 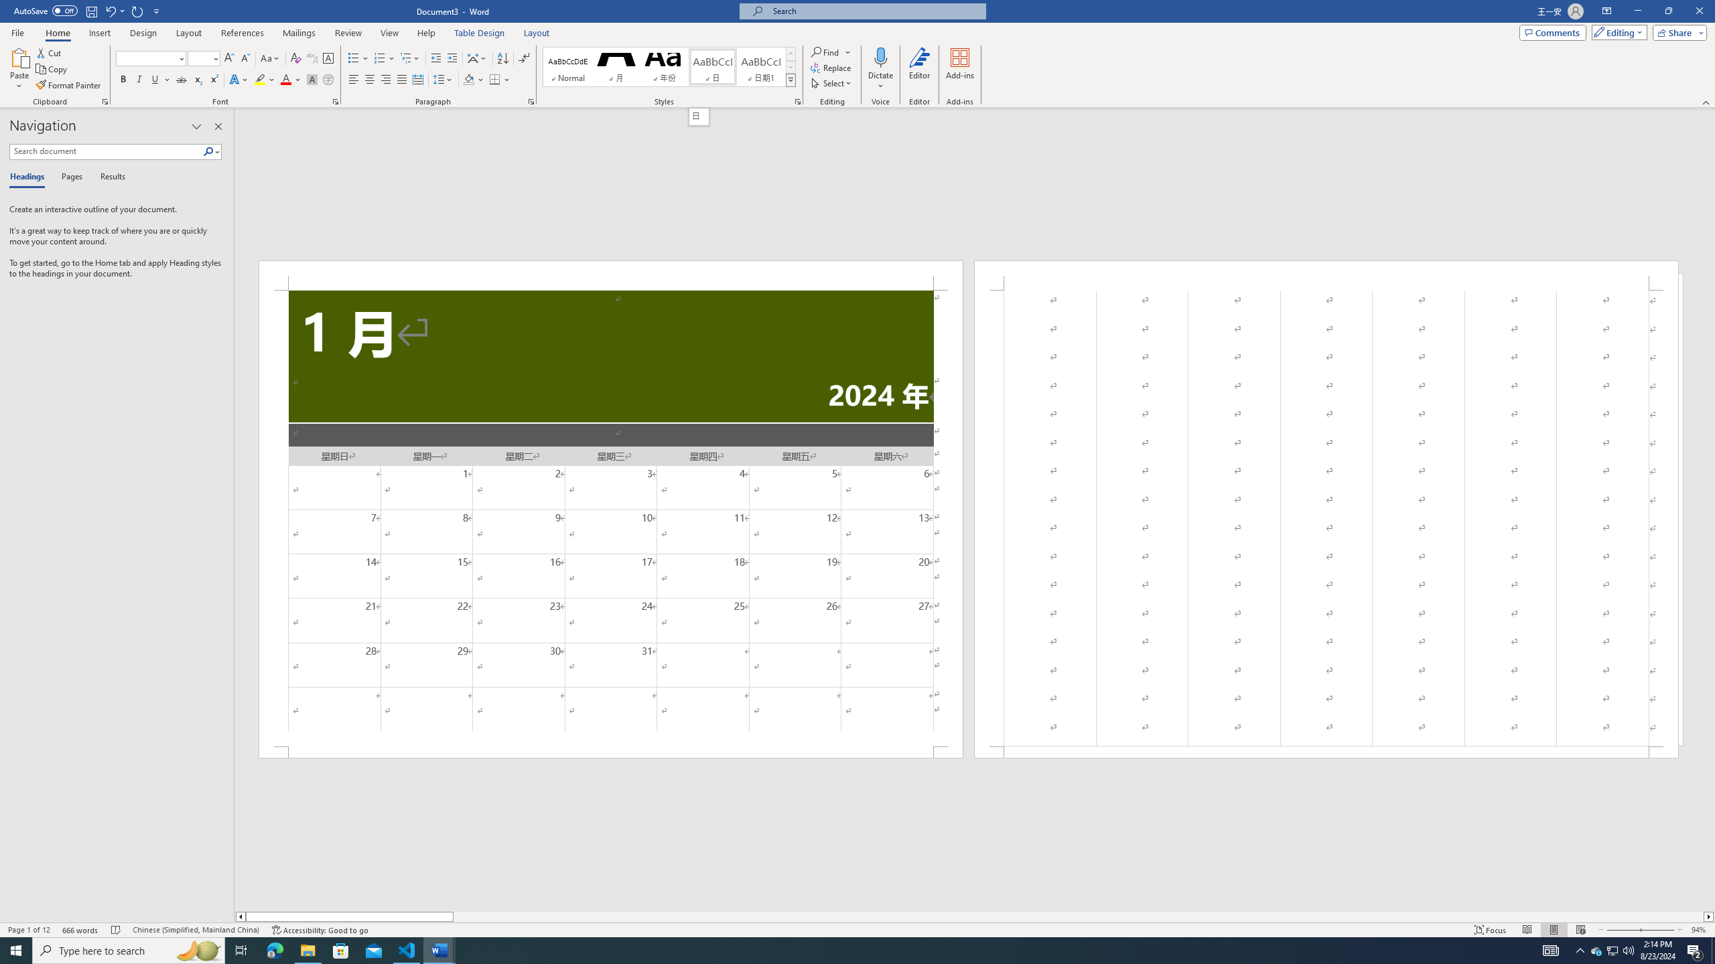 I want to click on 'Phonetic Guide...', so click(x=311, y=58).